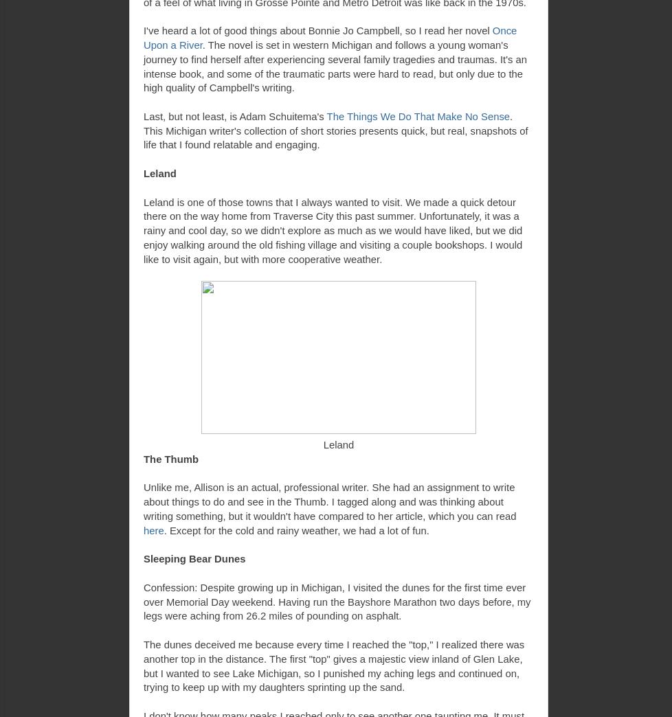  I want to click on '. This Michigan writer's collection of short stories presents quick, but real, snapshots of life that I found relatable and engaging.', so click(143, 130).